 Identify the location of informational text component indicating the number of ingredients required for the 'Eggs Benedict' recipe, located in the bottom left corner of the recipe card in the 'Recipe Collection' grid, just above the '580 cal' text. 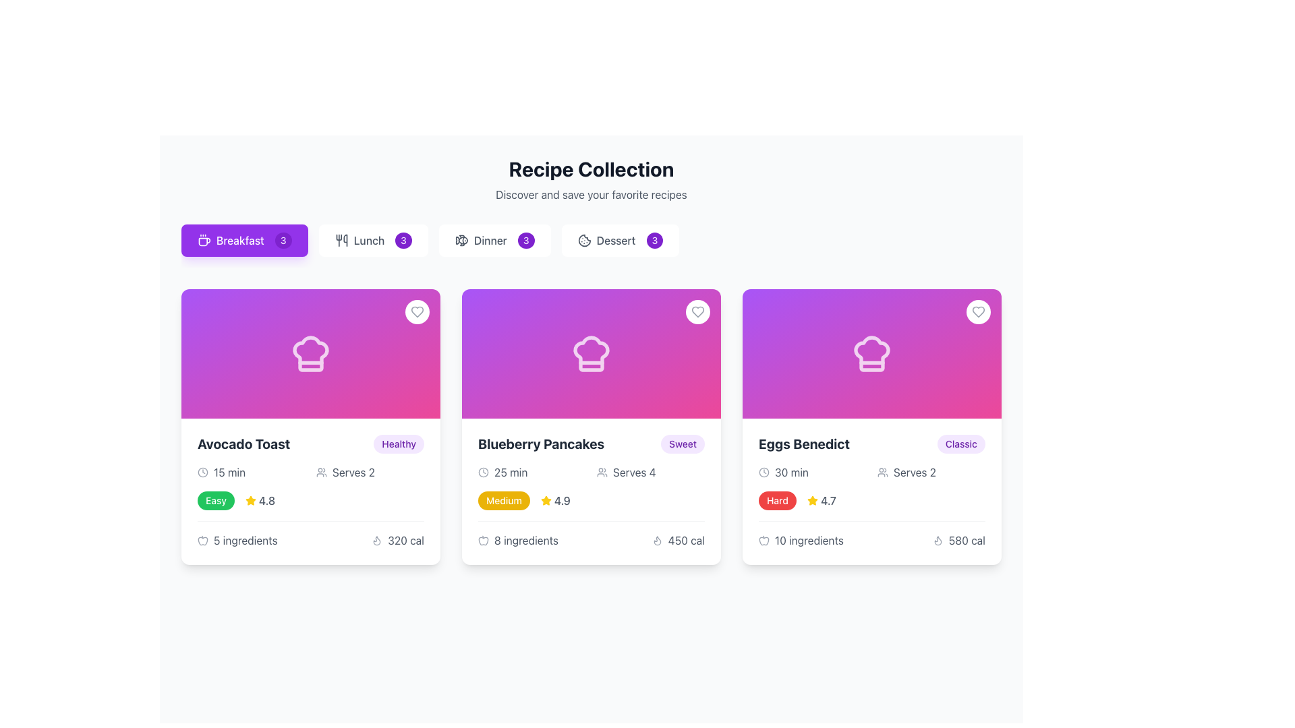
(809, 540).